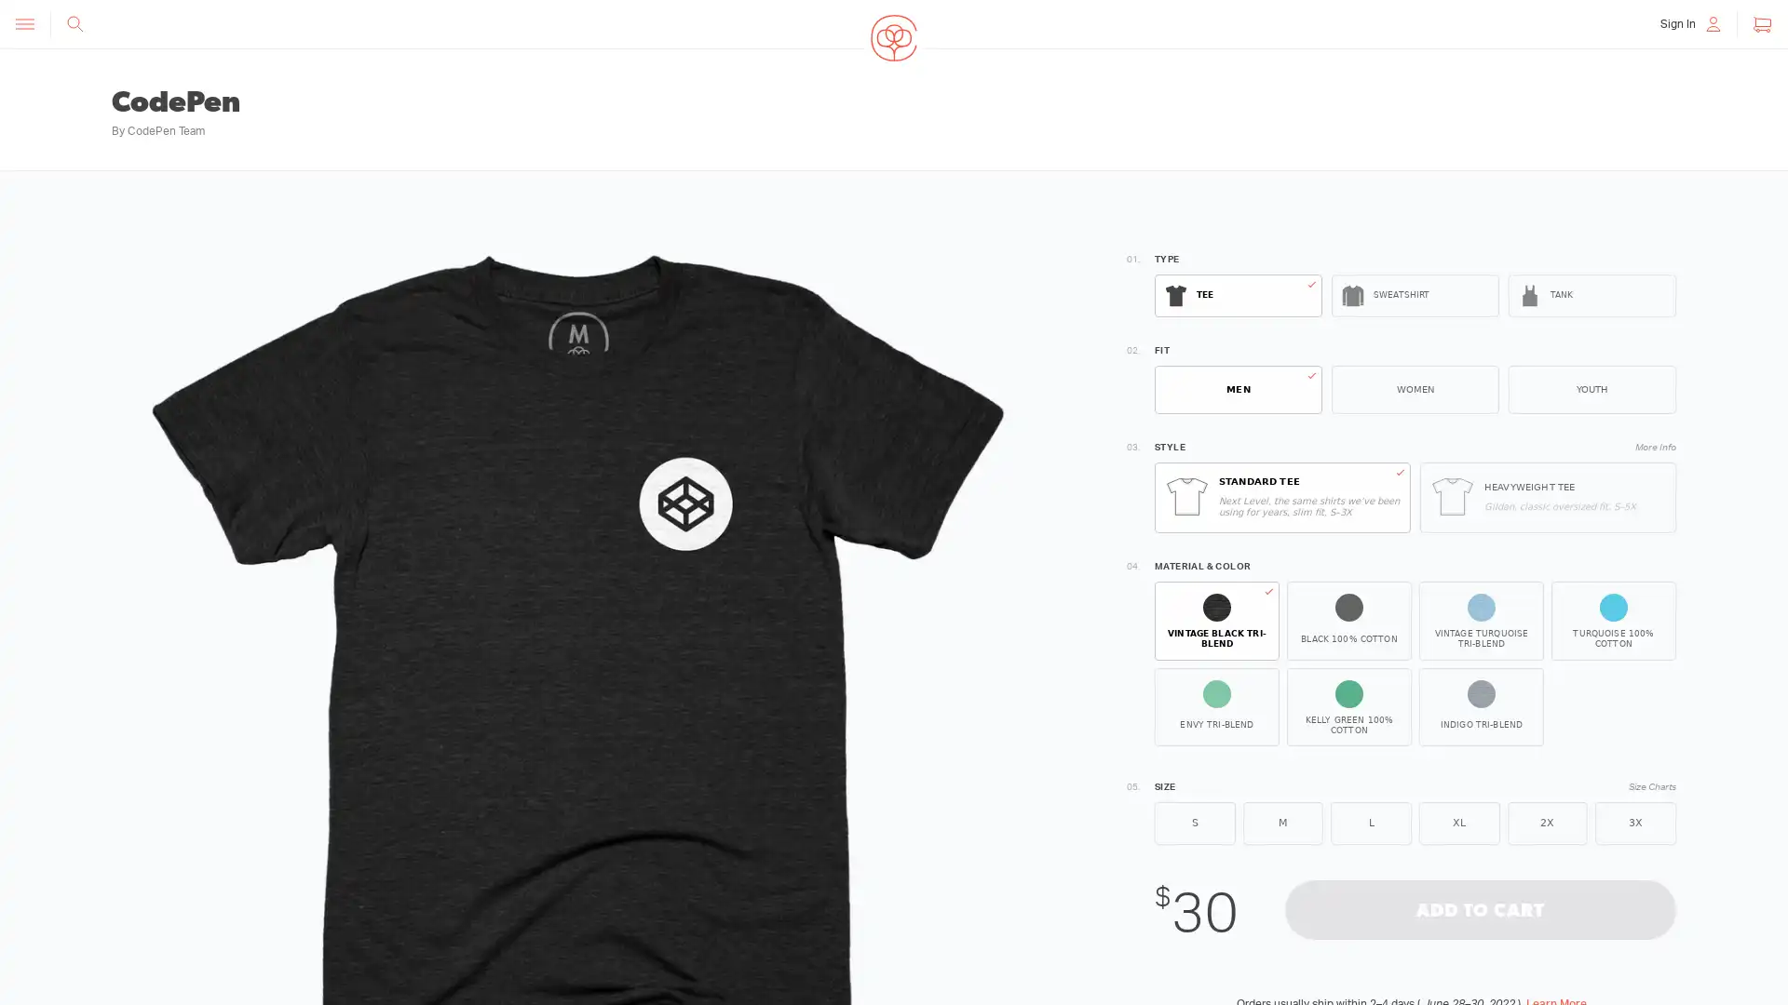 The height and width of the screenshot is (1005, 1788). What do you see at coordinates (1349, 621) in the screenshot?
I see `BLACK 100% COTTON` at bounding box center [1349, 621].